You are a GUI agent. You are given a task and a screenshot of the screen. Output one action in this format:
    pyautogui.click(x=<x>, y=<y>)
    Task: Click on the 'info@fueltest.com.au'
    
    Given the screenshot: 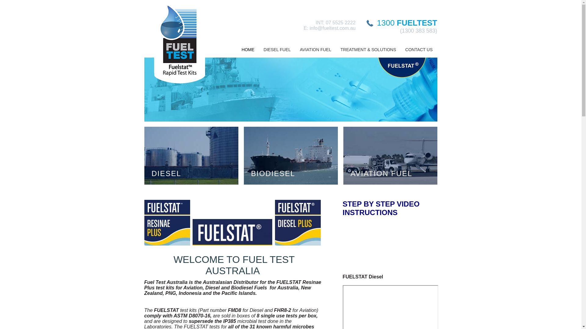 What is the action you would take?
    pyautogui.click(x=332, y=28)
    